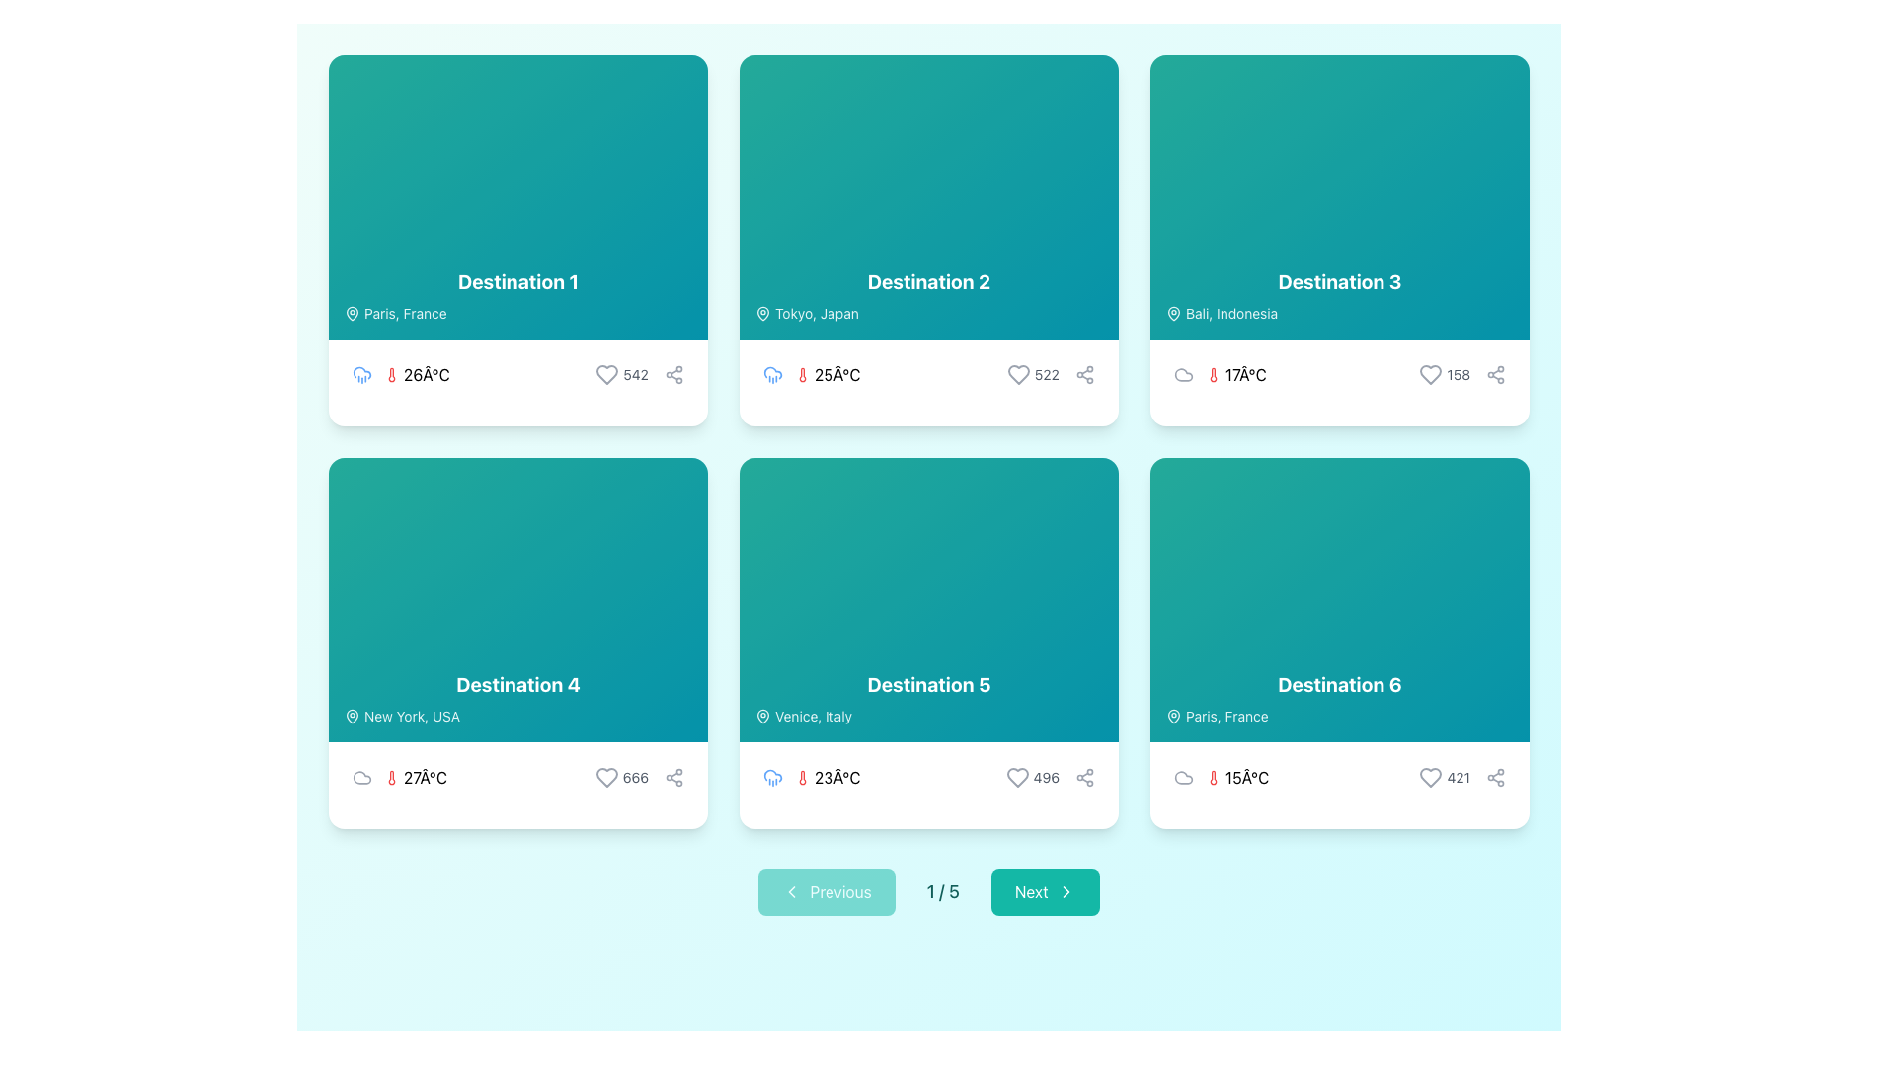 The width and height of the screenshot is (1896, 1066). What do you see at coordinates (517, 599) in the screenshot?
I see `the informational card with a teal to cyan gradient background displaying 'Destination 4' and 'New York, USA', positioned in the second row, first column of the grid layout` at bounding box center [517, 599].